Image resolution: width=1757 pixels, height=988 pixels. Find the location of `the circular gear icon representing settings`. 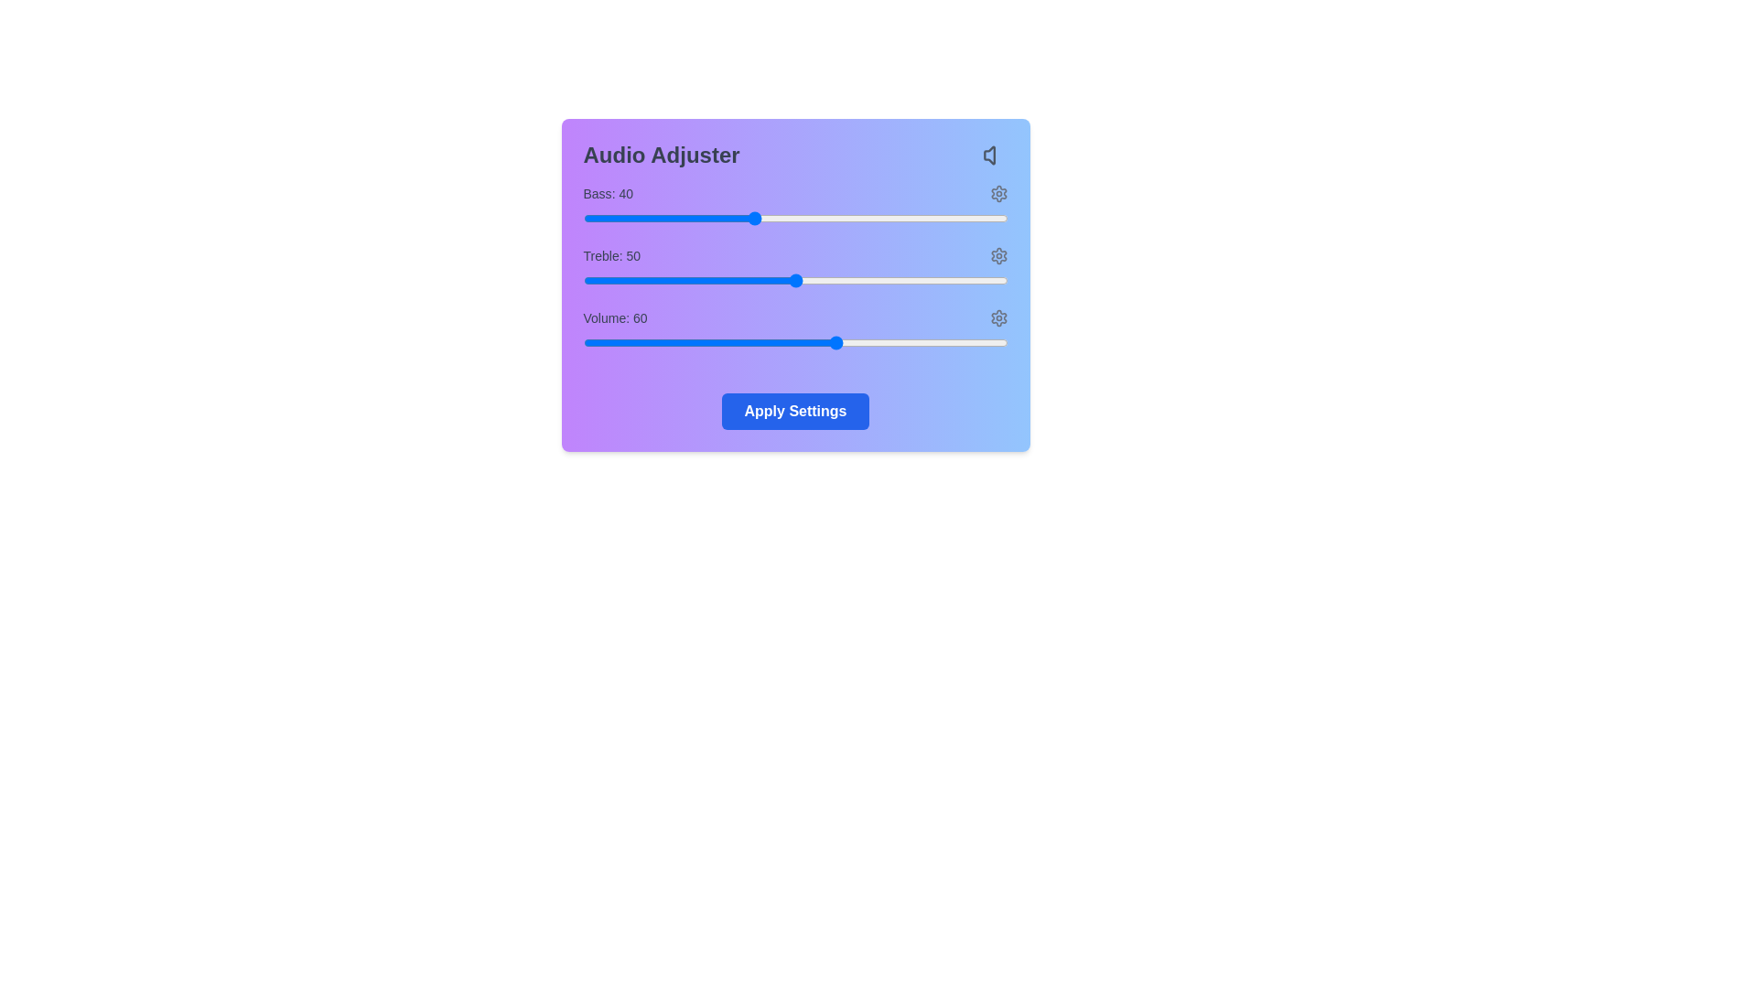

the circular gear icon representing settings is located at coordinates (997, 256).